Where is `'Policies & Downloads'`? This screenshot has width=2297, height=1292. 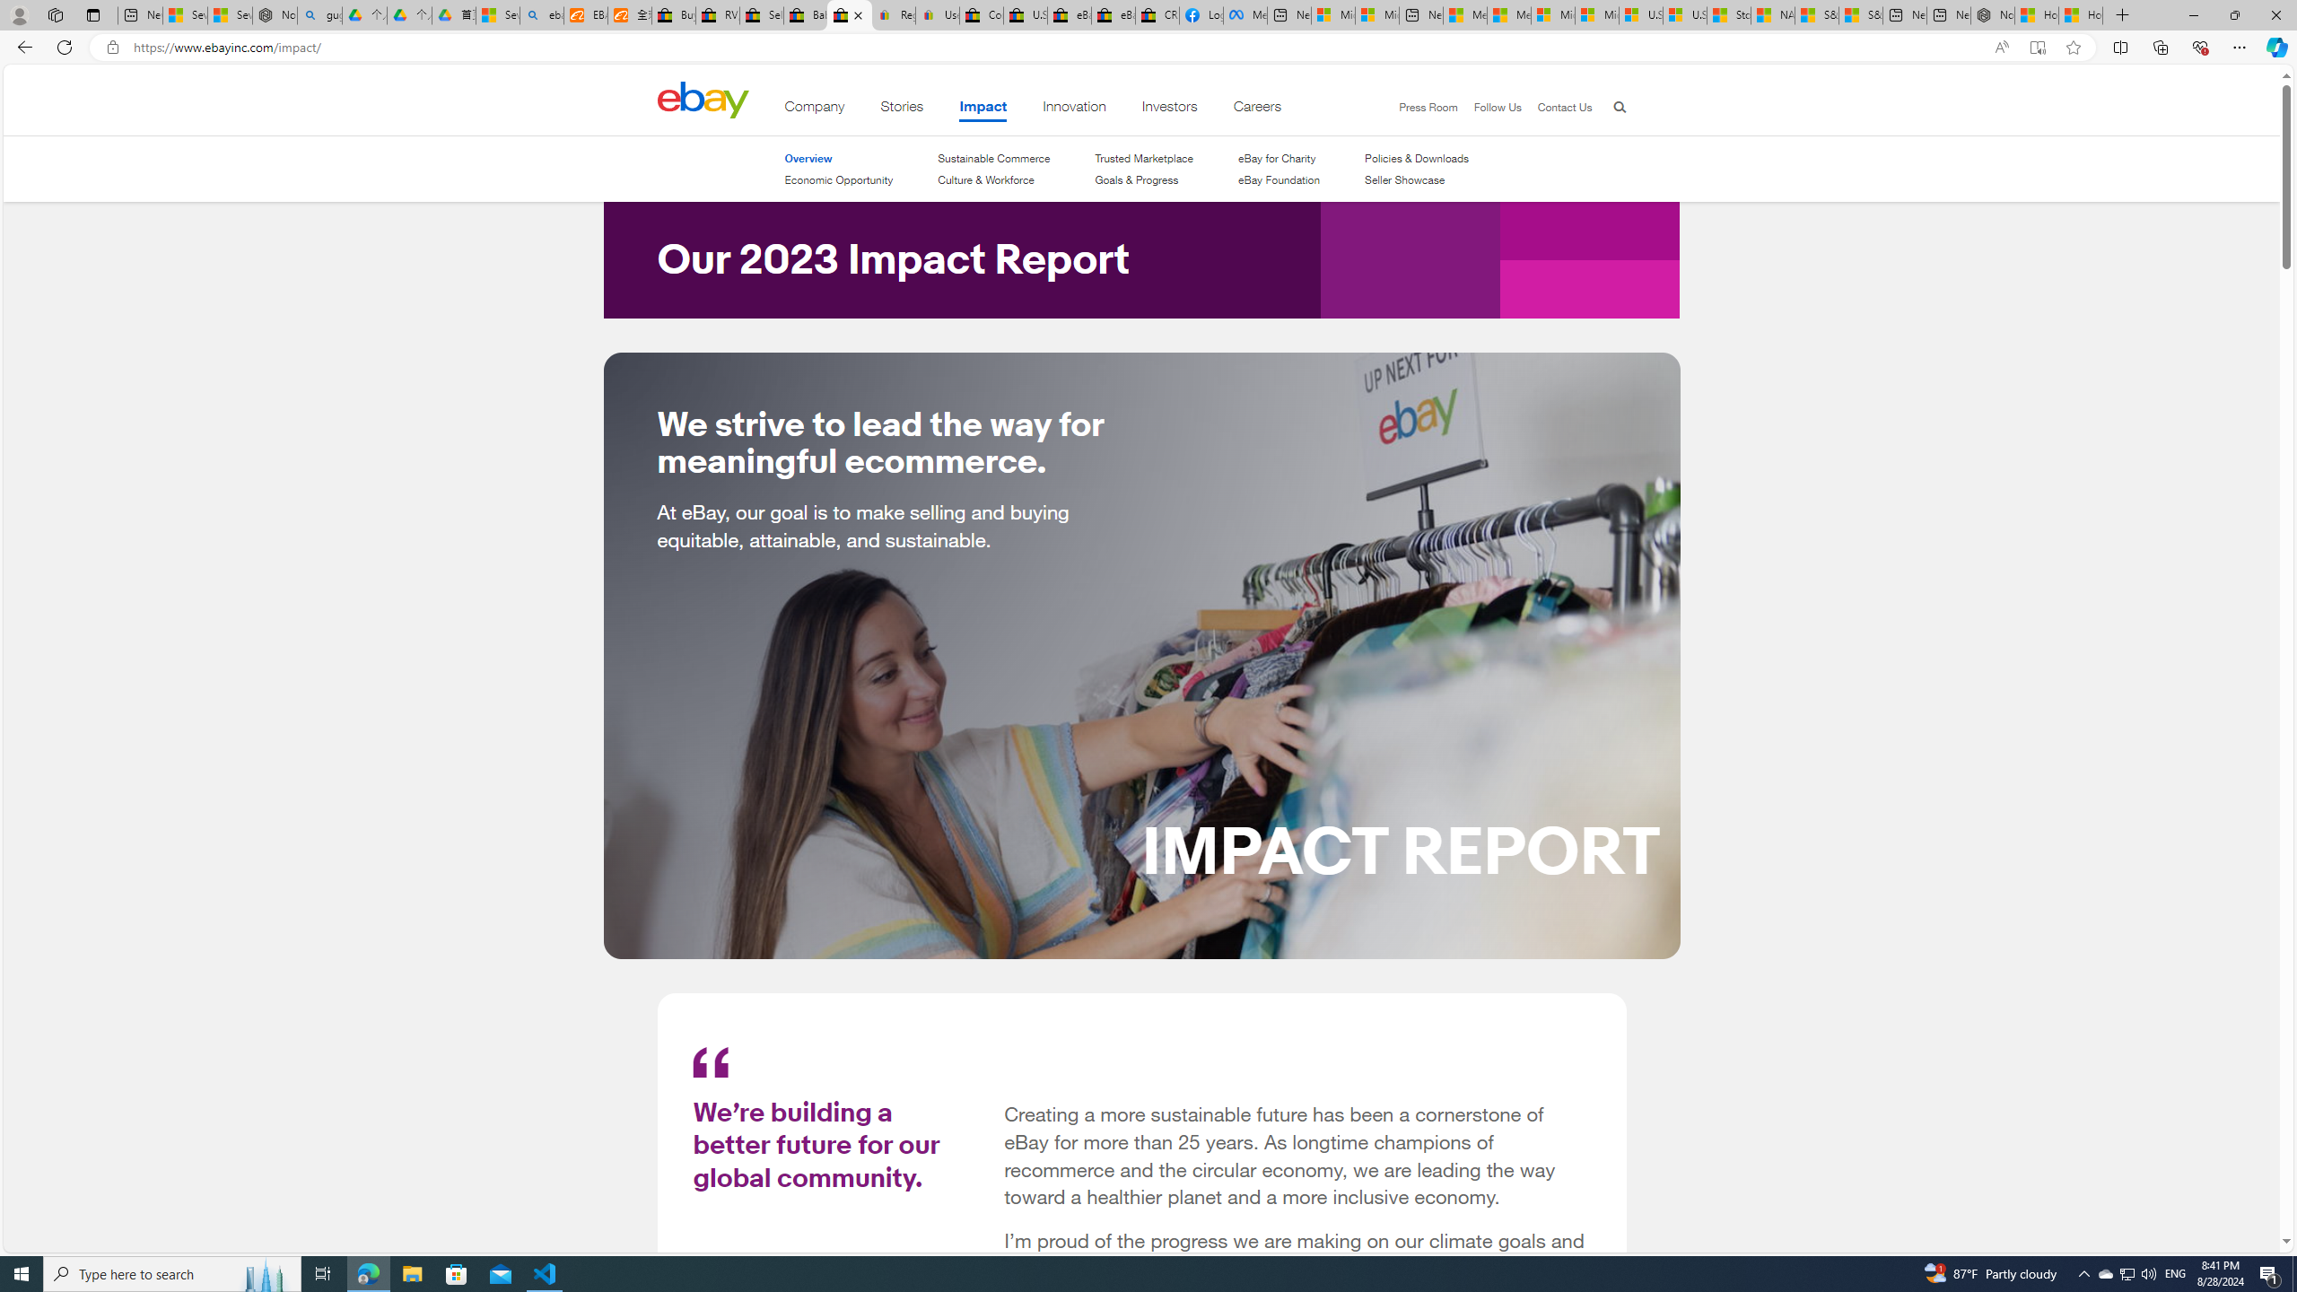 'Policies & Downloads' is located at coordinates (1416, 158).